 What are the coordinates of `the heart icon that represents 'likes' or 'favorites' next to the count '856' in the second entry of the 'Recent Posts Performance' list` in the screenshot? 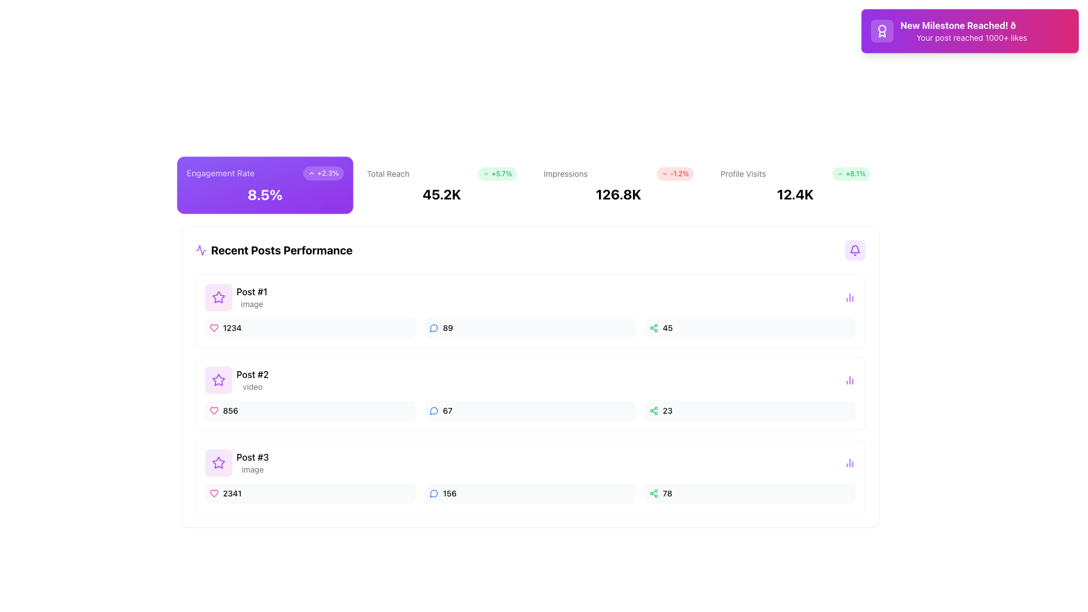 It's located at (214, 411).